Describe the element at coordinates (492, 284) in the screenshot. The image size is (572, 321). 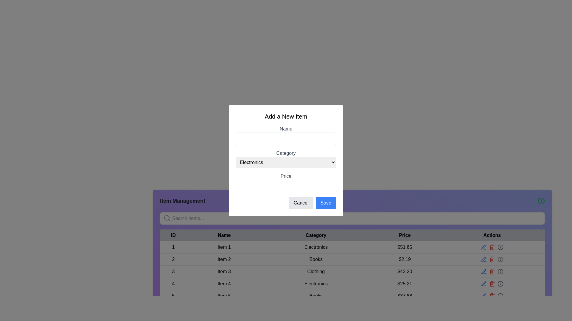
I see `the delete icon in the 'Actions' column for item '4' to initiate the delete action` at that location.